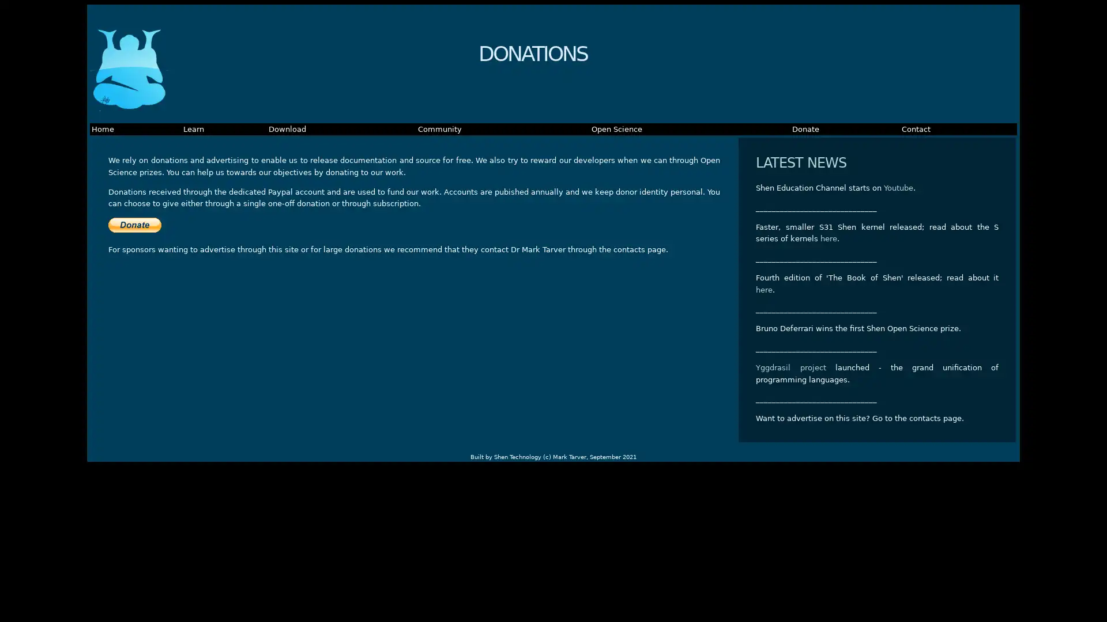 The image size is (1107, 622). Describe the element at coordinates (134, 225) in the screenshot. I see `Donate with PayPal button` at that location.